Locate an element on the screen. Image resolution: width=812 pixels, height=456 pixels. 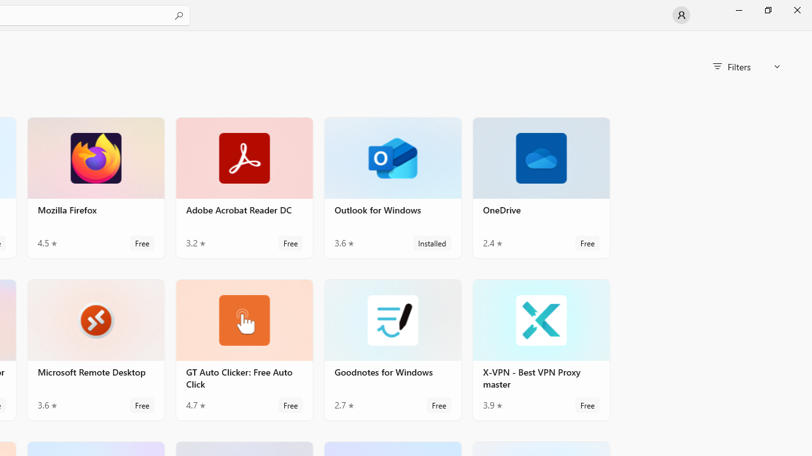
'OneDrive. Average rating of 2.4 out of five stars. Free  ' is located at coordinates (541, 187).